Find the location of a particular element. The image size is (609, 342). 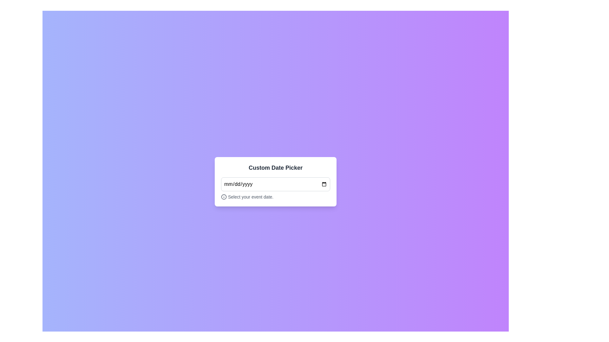

the Text Label that serves as a title or header for selecting a date is located at coordinates (275, 167).